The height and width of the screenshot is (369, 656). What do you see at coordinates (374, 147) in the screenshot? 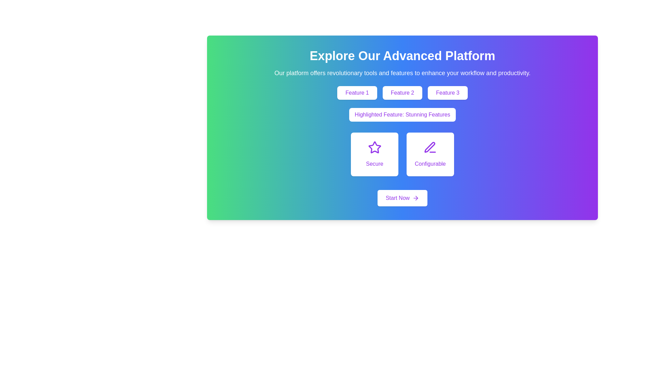
I see `the security-related icon located in the upper section of the 'Secure' card to observe the tooltip if present` at bounding box center [374, 147].